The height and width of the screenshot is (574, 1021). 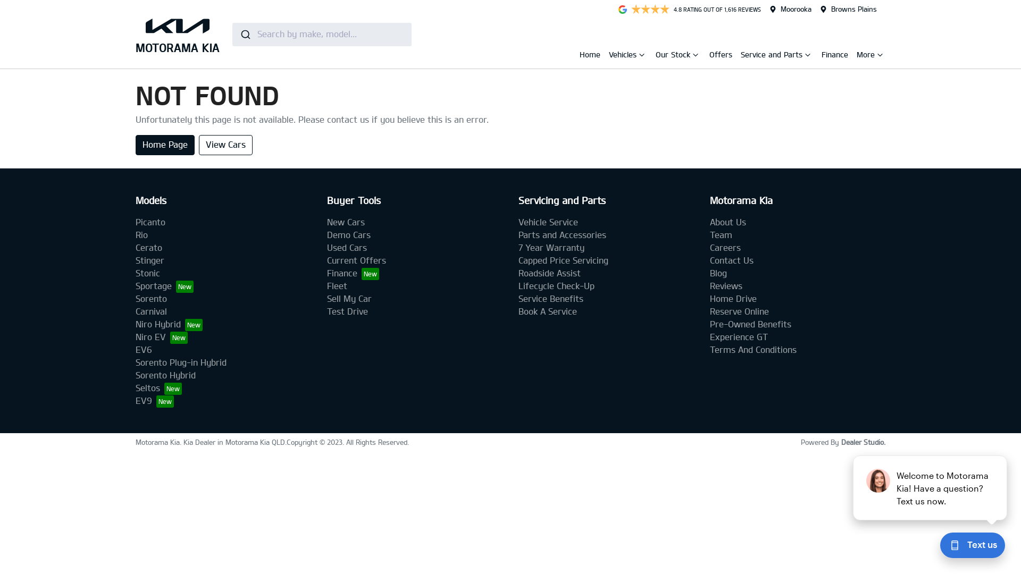 What do you see at coordinates (750, 324) in the screenshot?
I see `'Pre-Owned Benefits'` at bounding box center [750, 324].